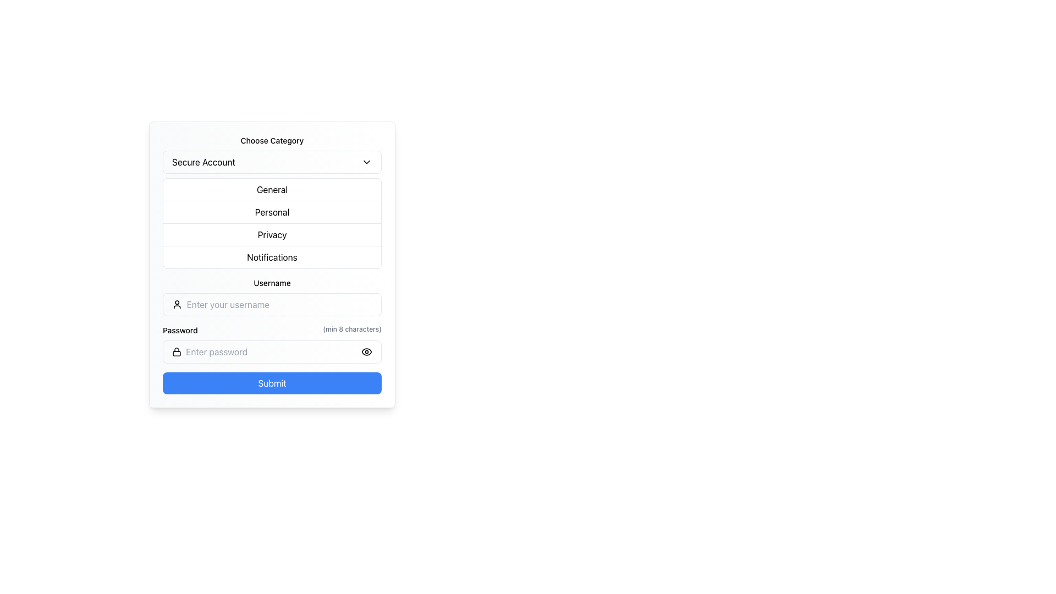 Image resolution: width=1056 pixels, height=594 pixels. I want to click on the visibility toggler button for the password input field, so click(367, 352).